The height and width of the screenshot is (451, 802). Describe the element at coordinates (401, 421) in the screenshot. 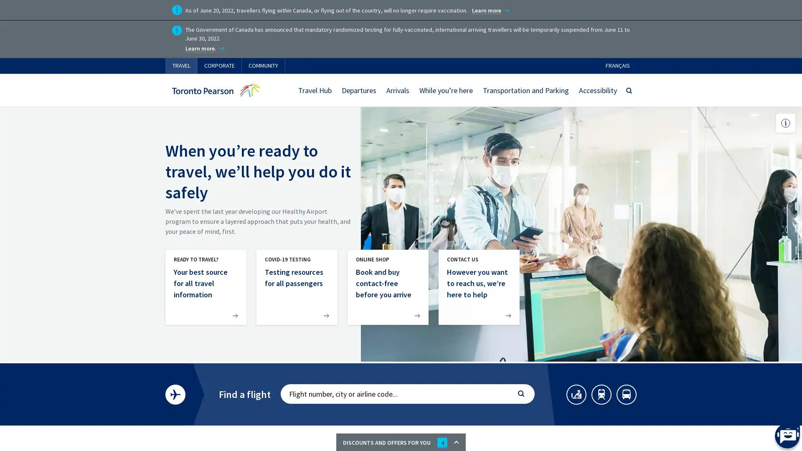

I see `CLOSE` at that location.